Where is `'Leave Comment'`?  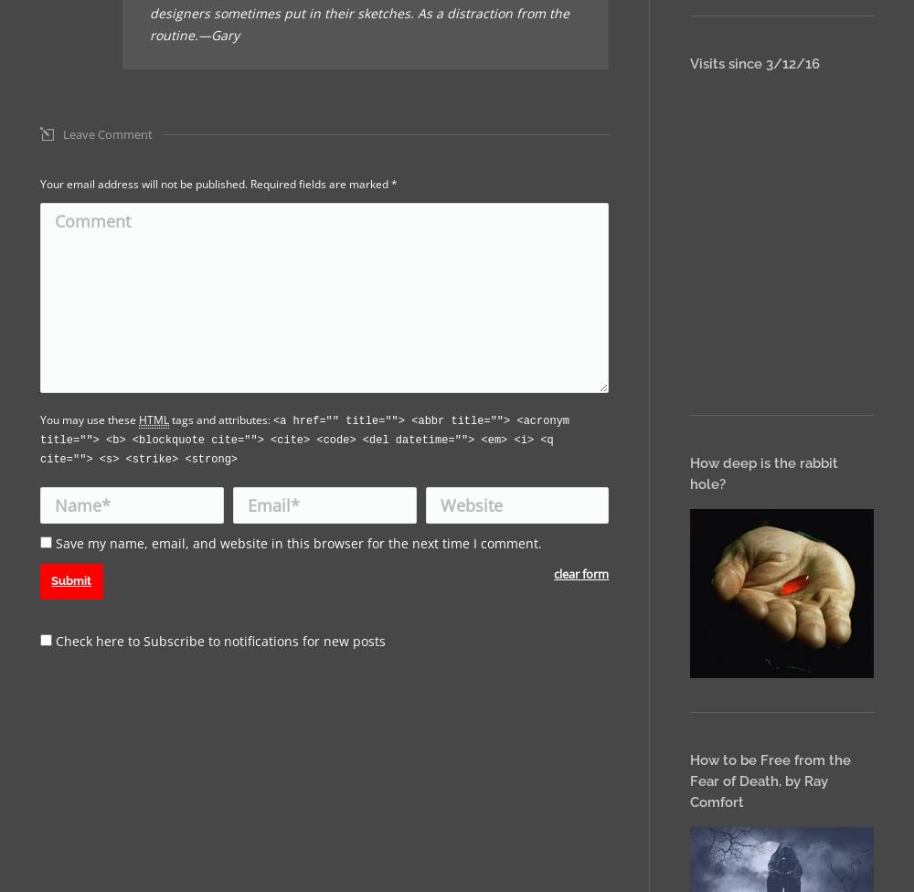 'Leave Comment' is located at coordinates (107, 133).